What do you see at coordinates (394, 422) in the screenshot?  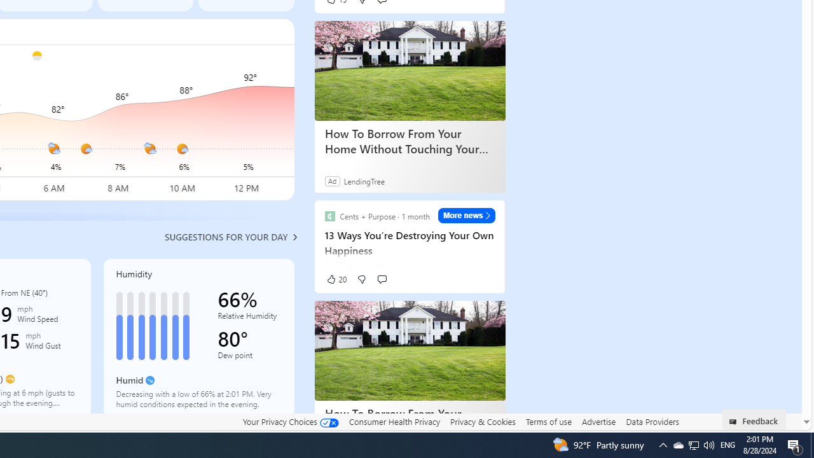 I see `'Consumer Health Privacy'` at bounding box center [394, 422].